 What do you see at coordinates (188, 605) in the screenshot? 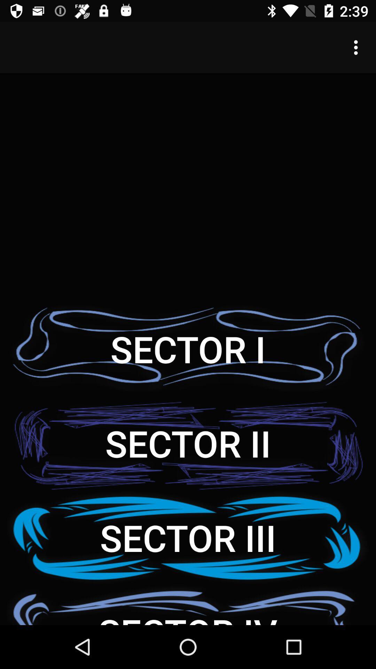
I see `item below sector iii item` at bounding box center [188, 605].